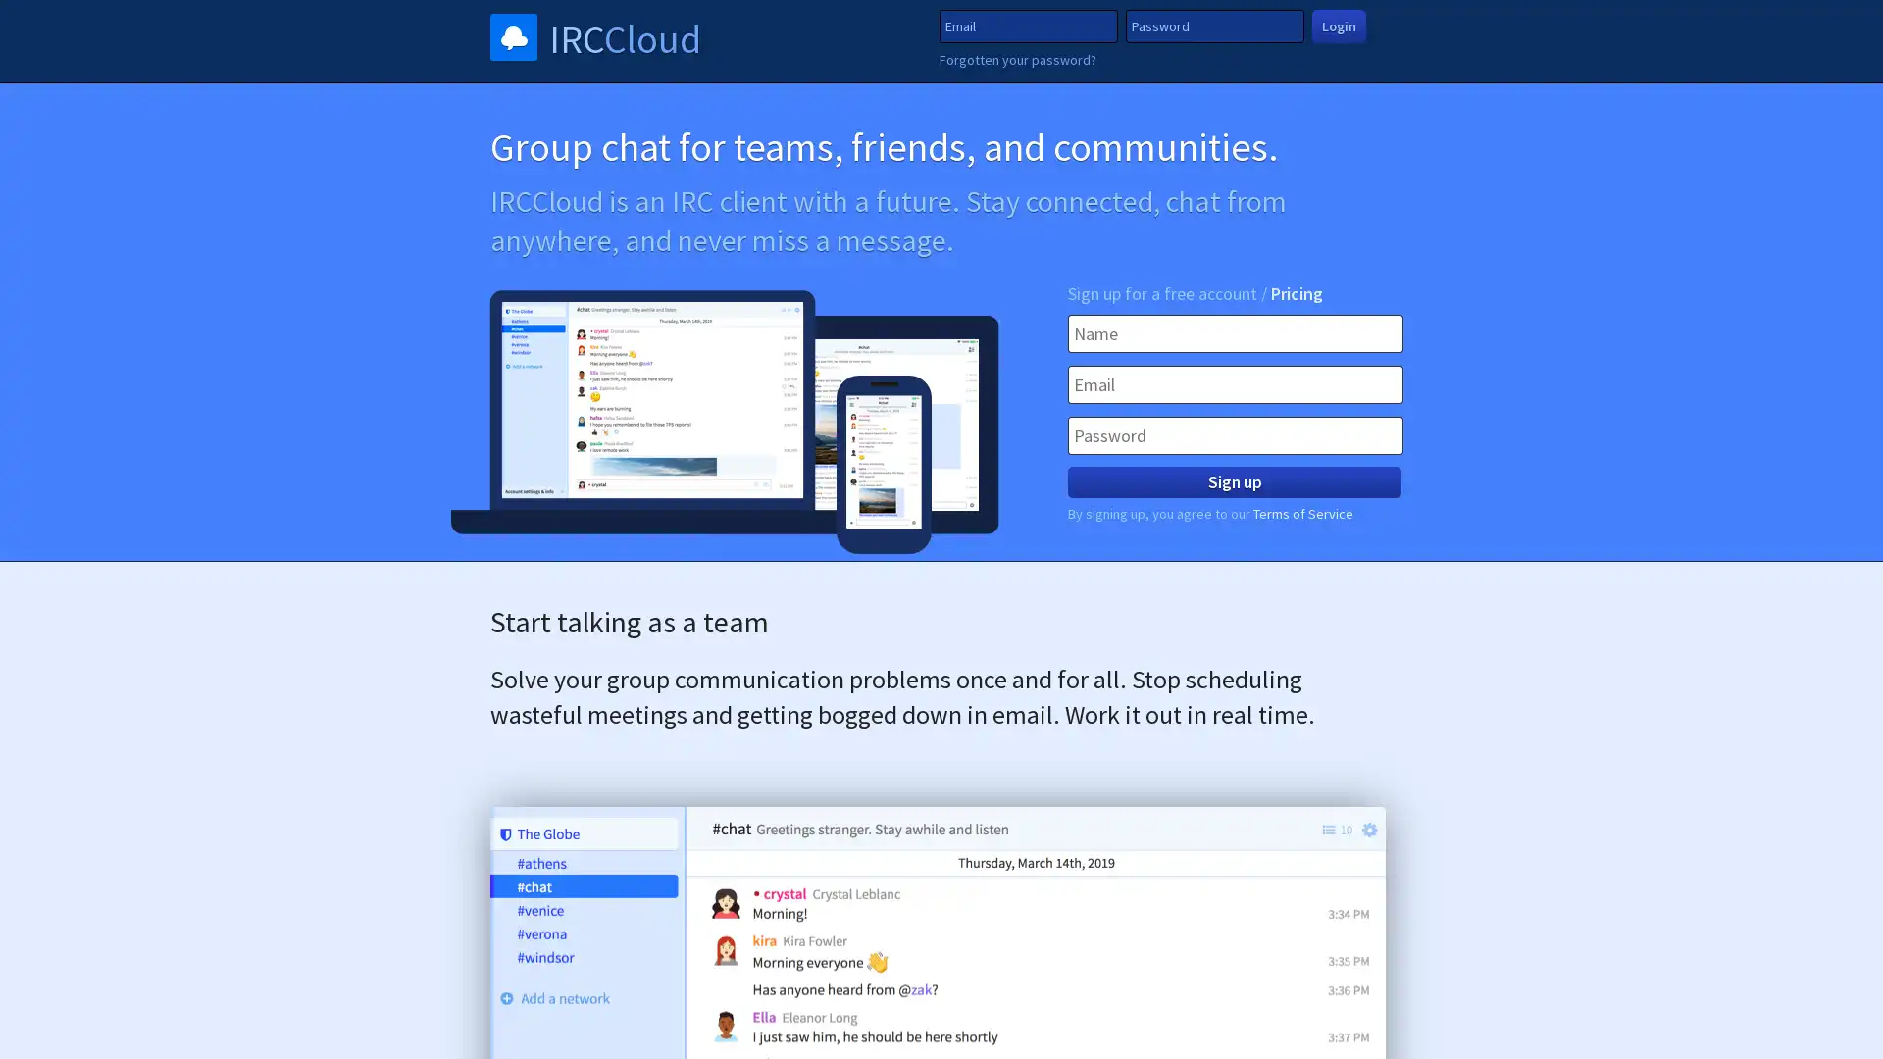 The height and width of the screenshot is (1059, 1883). Describe the element at coordinates (1338, 25) in the screenshot. I see `Login` at that location.